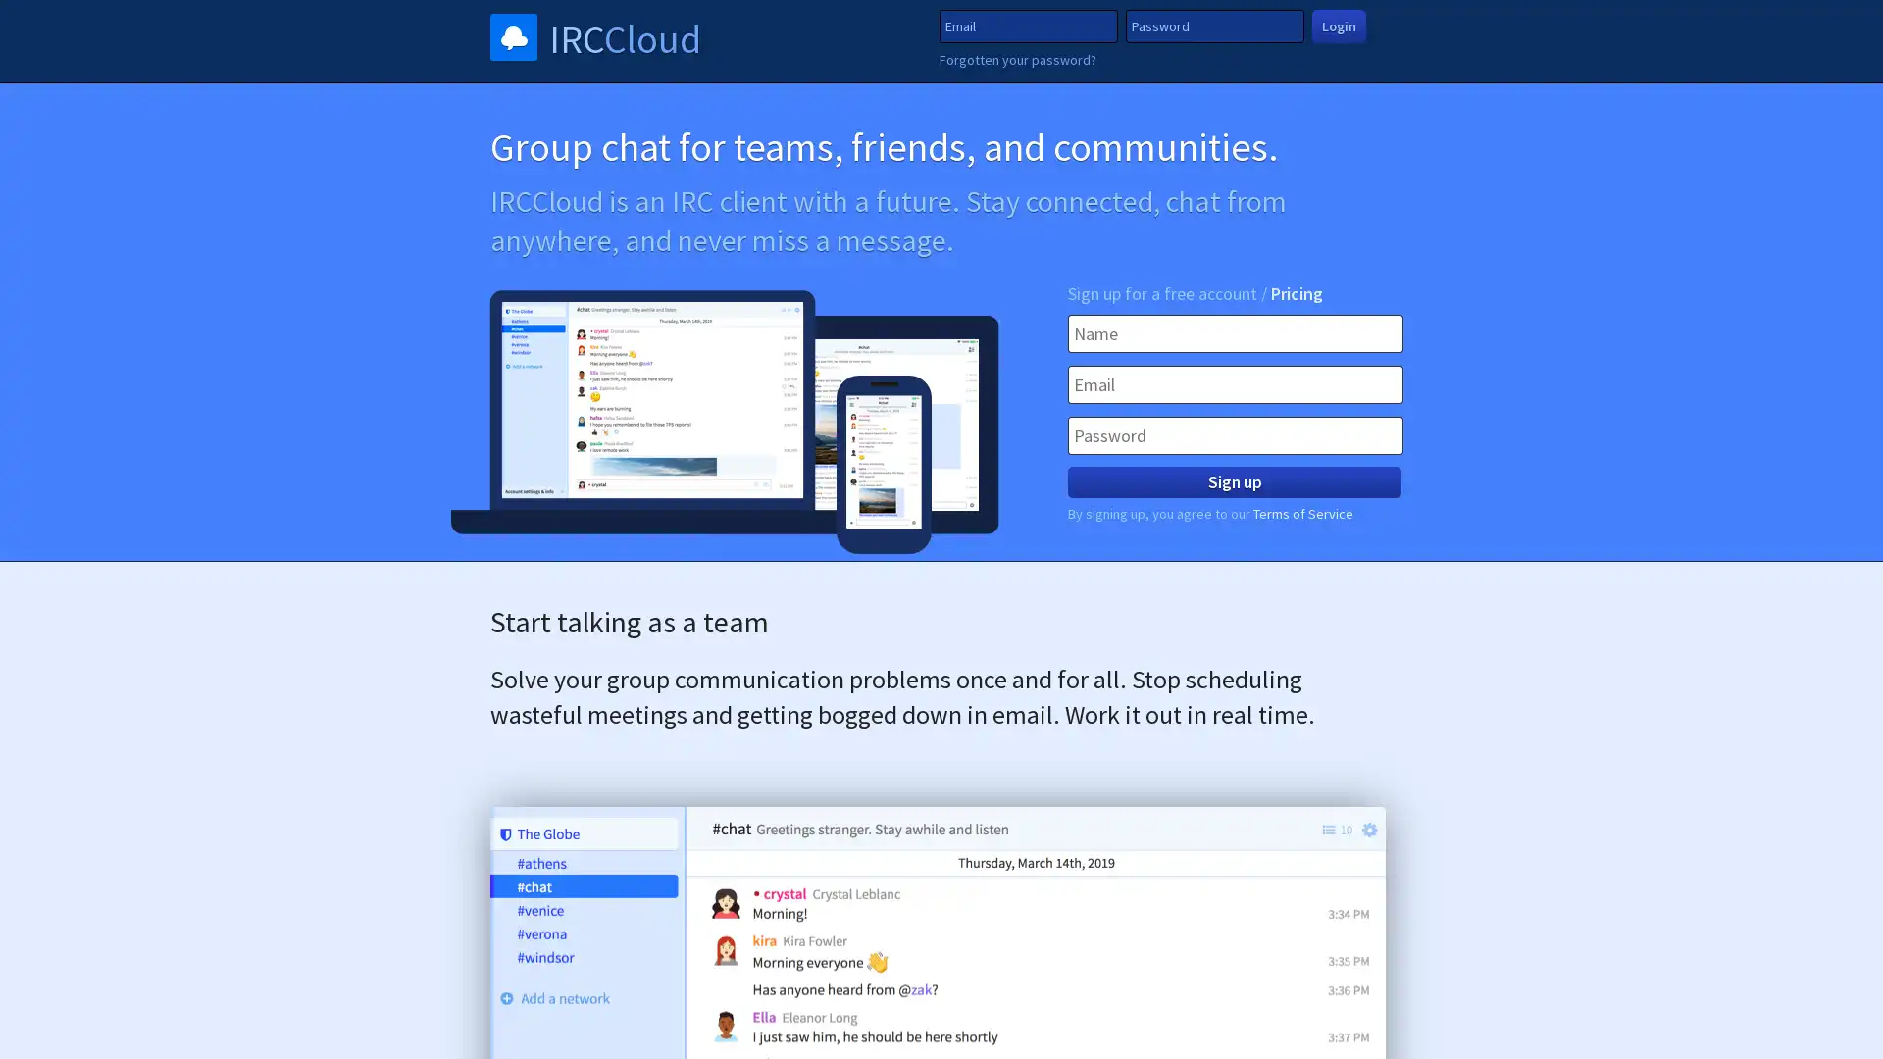 The height and width of the screenshot is (1059, 1883). Describe the element at coordinates (1338, 25) in the screenshot. I see `Login` at that location.